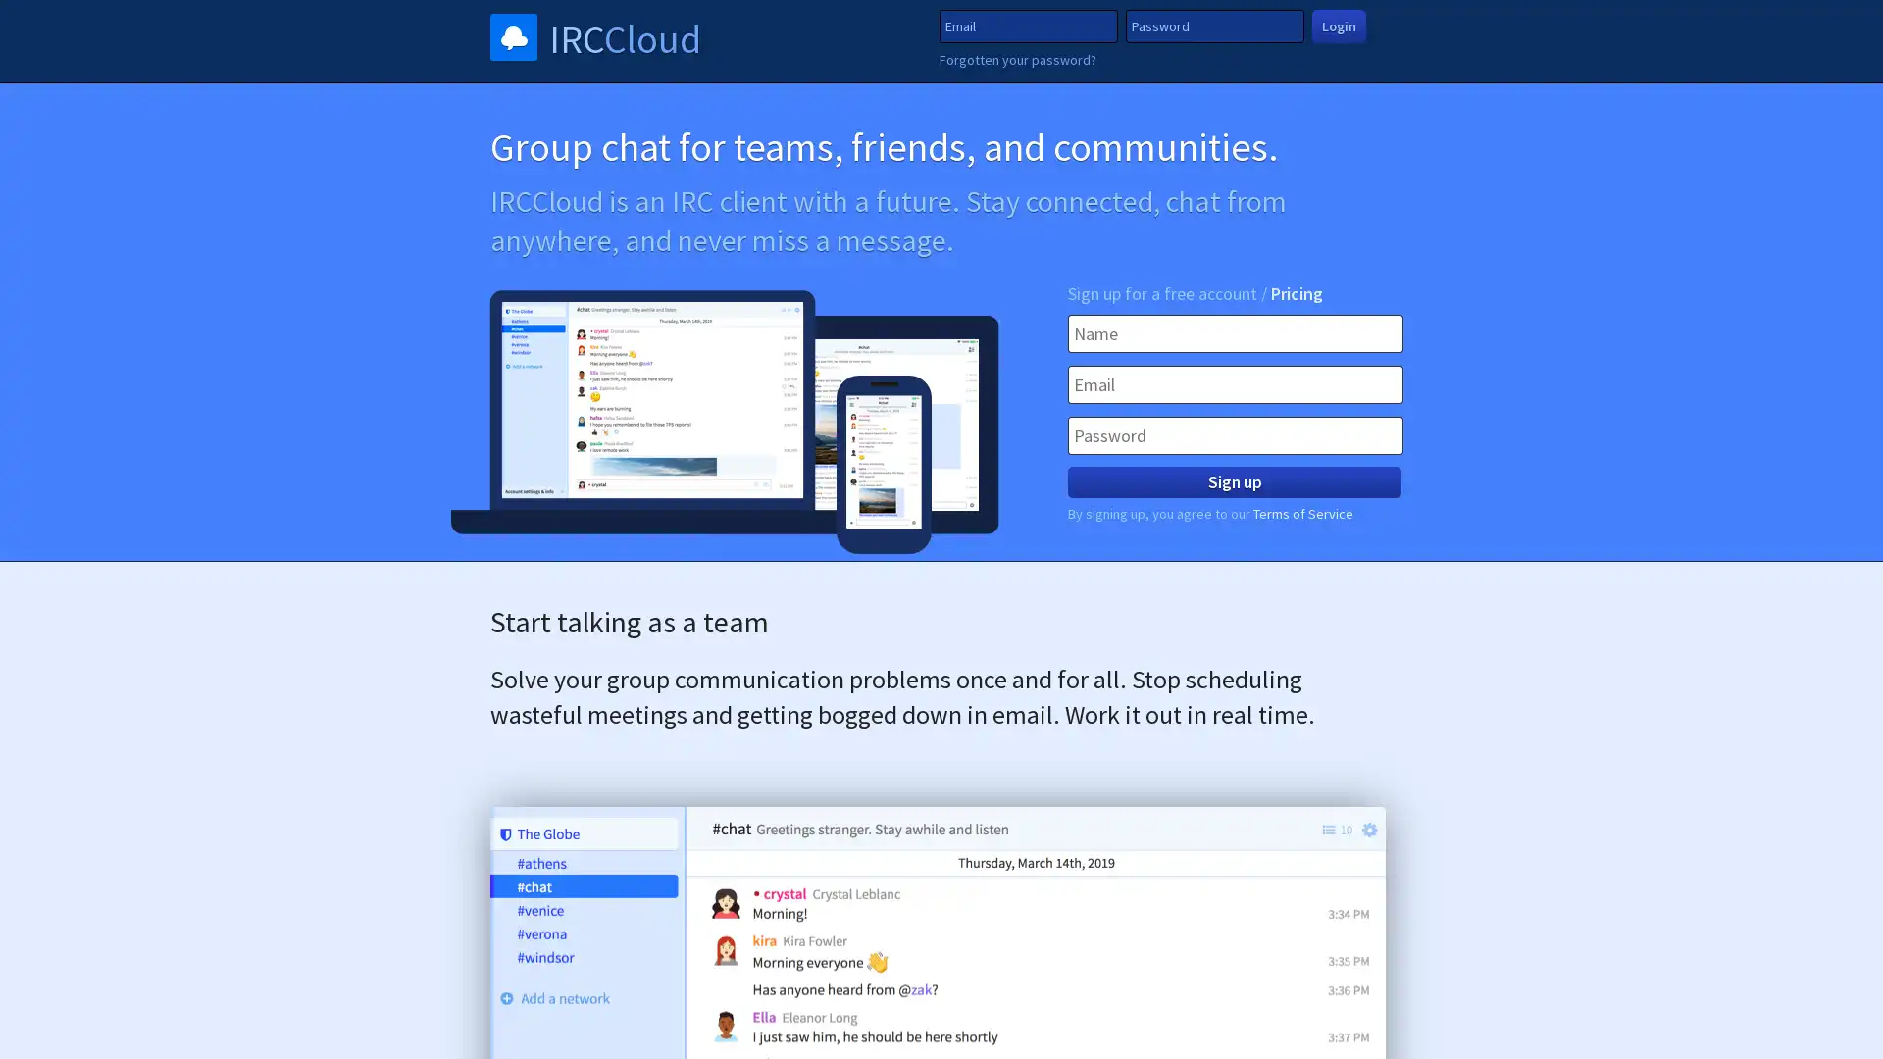 The height and width of the screenshot is (1059, 1883). Describe the element at coordinates (1338, 25) in the screenshot. I see `Login` at that location.